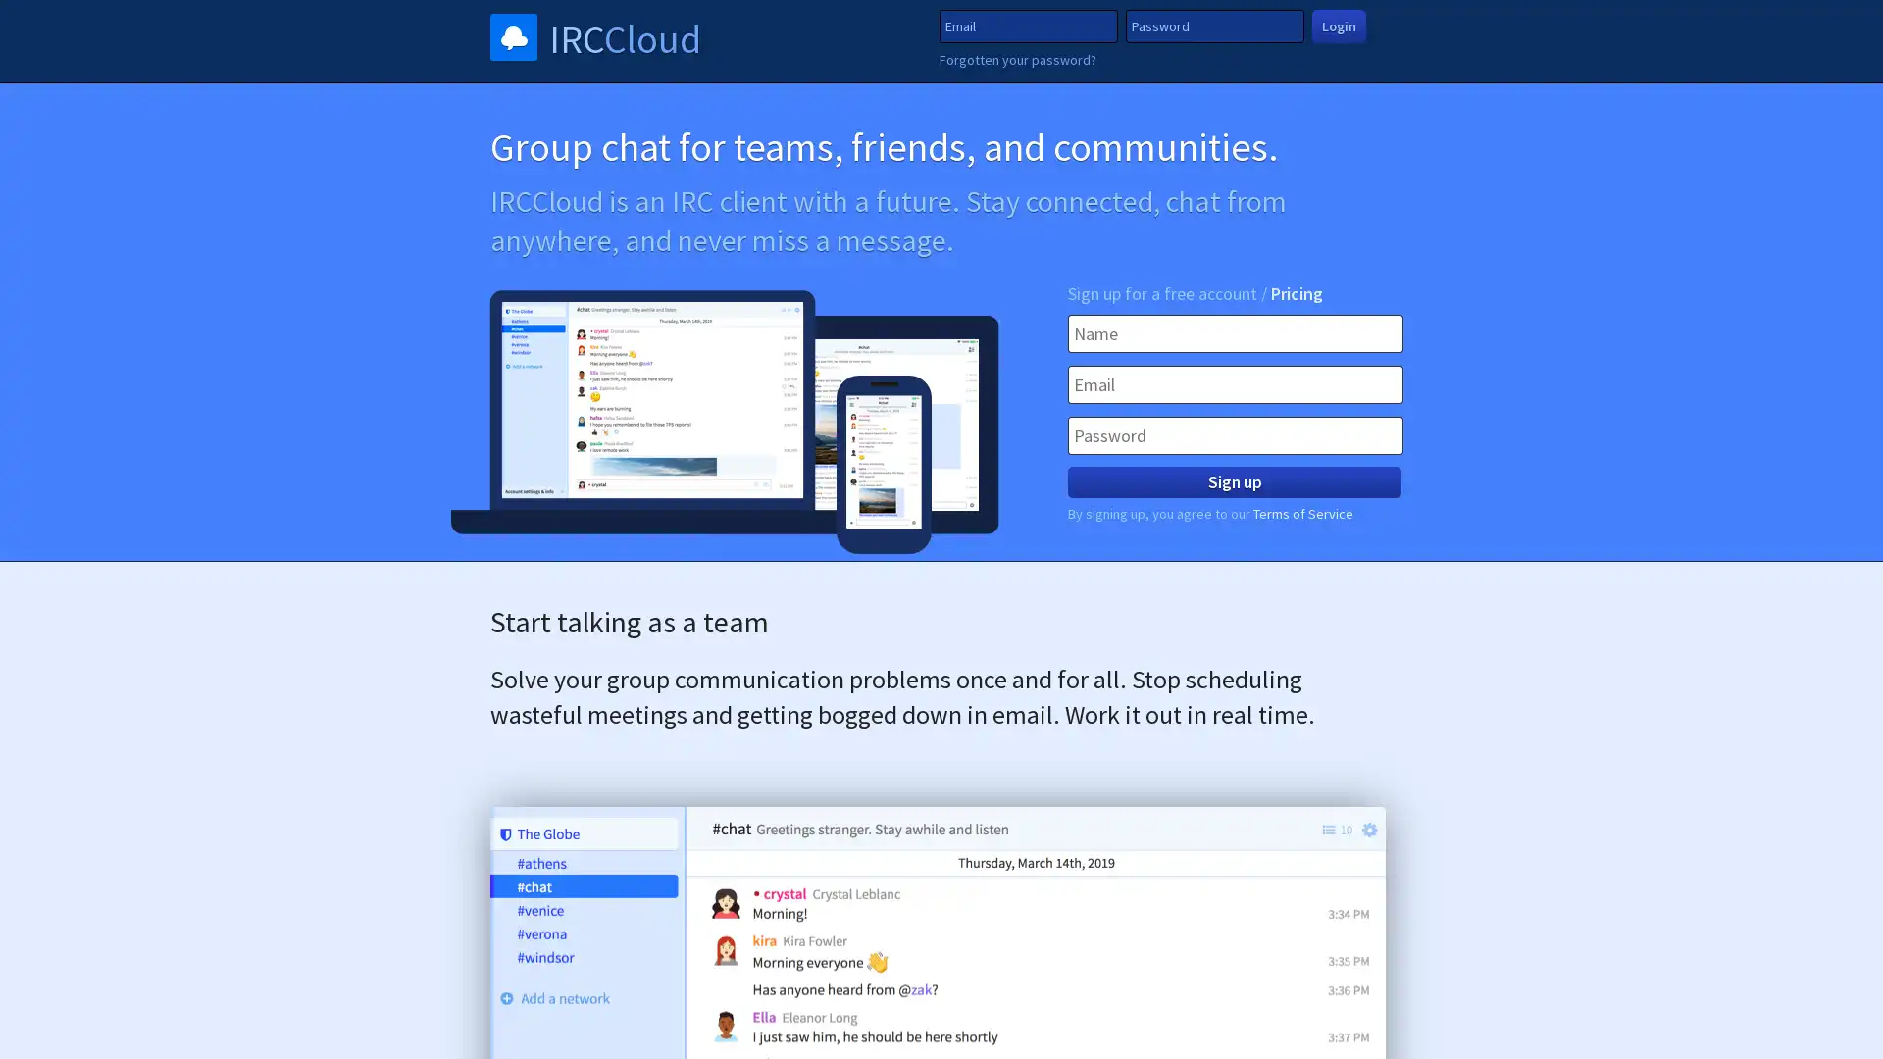 The height and width of the screenshot is (1059, 1883). Describe the element at coordinates (1338, 25) in the screenshot. I see `Login` at that location.